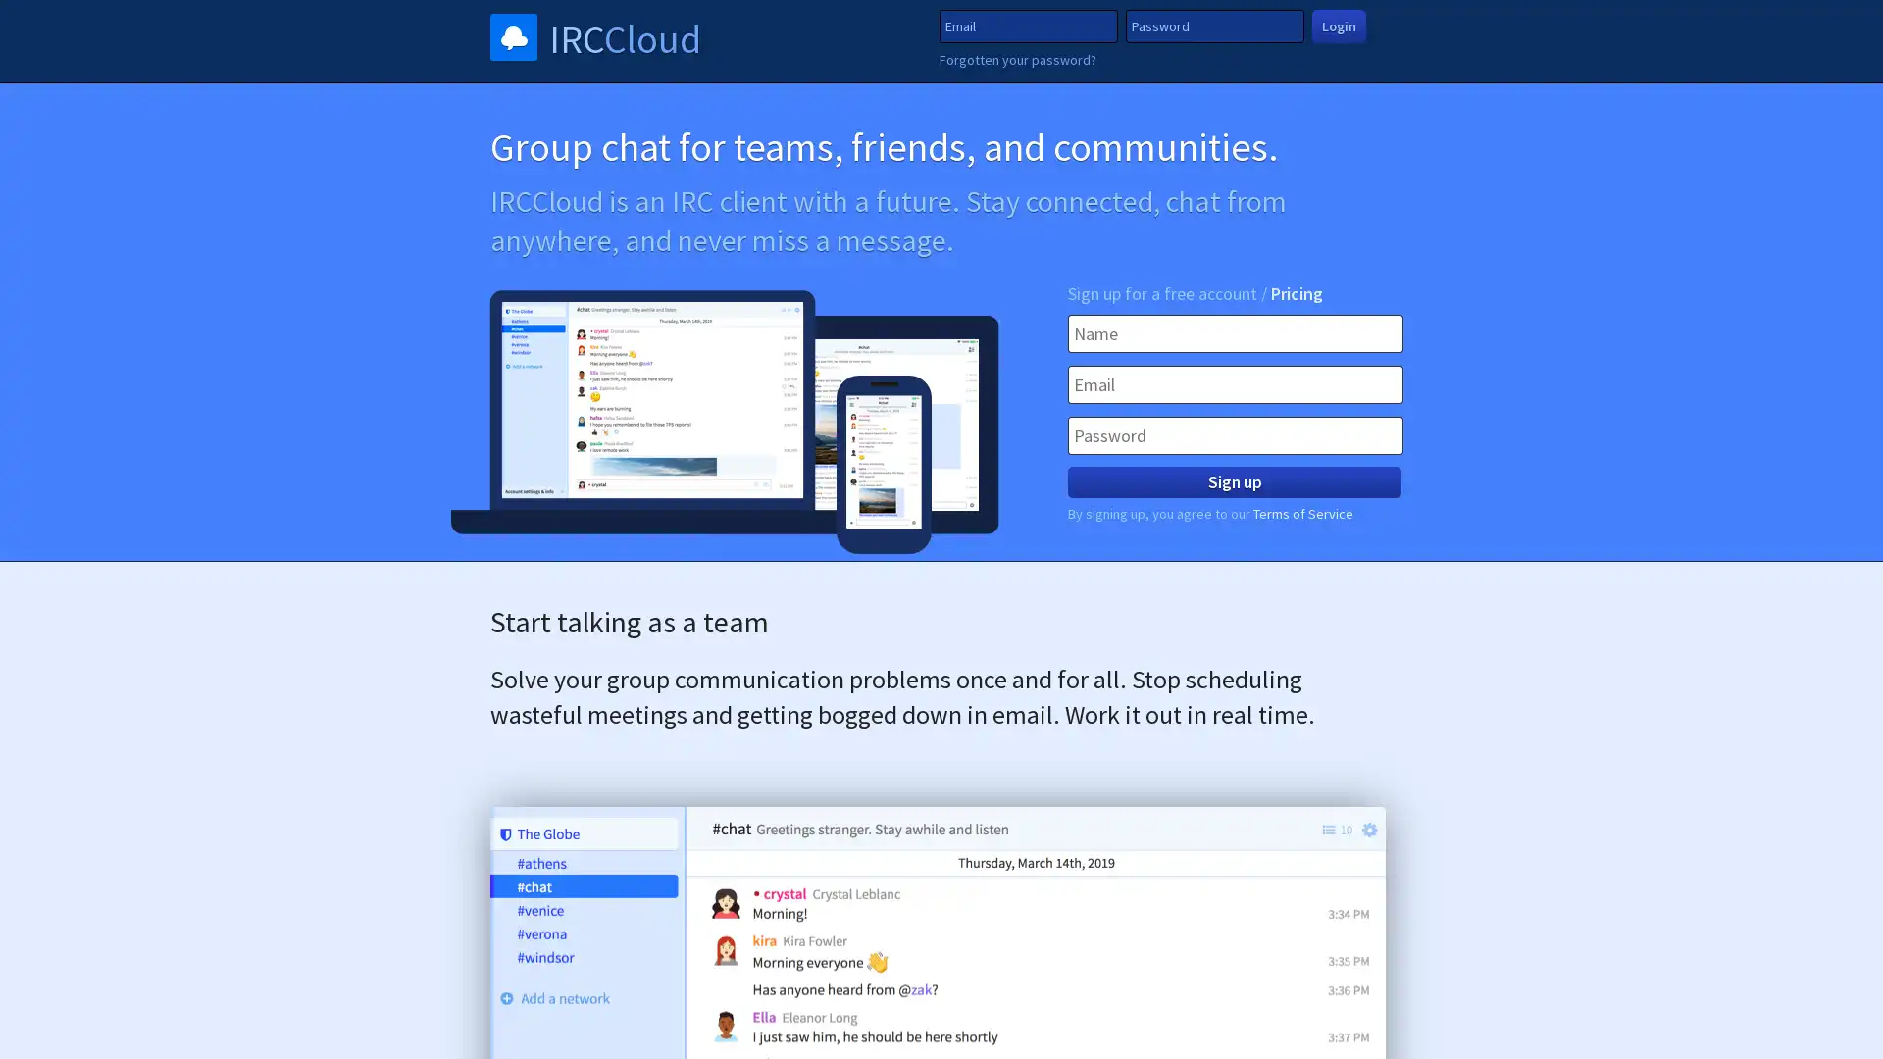 The height and width of the screenshot is (1059, 1883). Describe the element at coordinates (1338, 25) in the screenshot. I see `Login` at that location.